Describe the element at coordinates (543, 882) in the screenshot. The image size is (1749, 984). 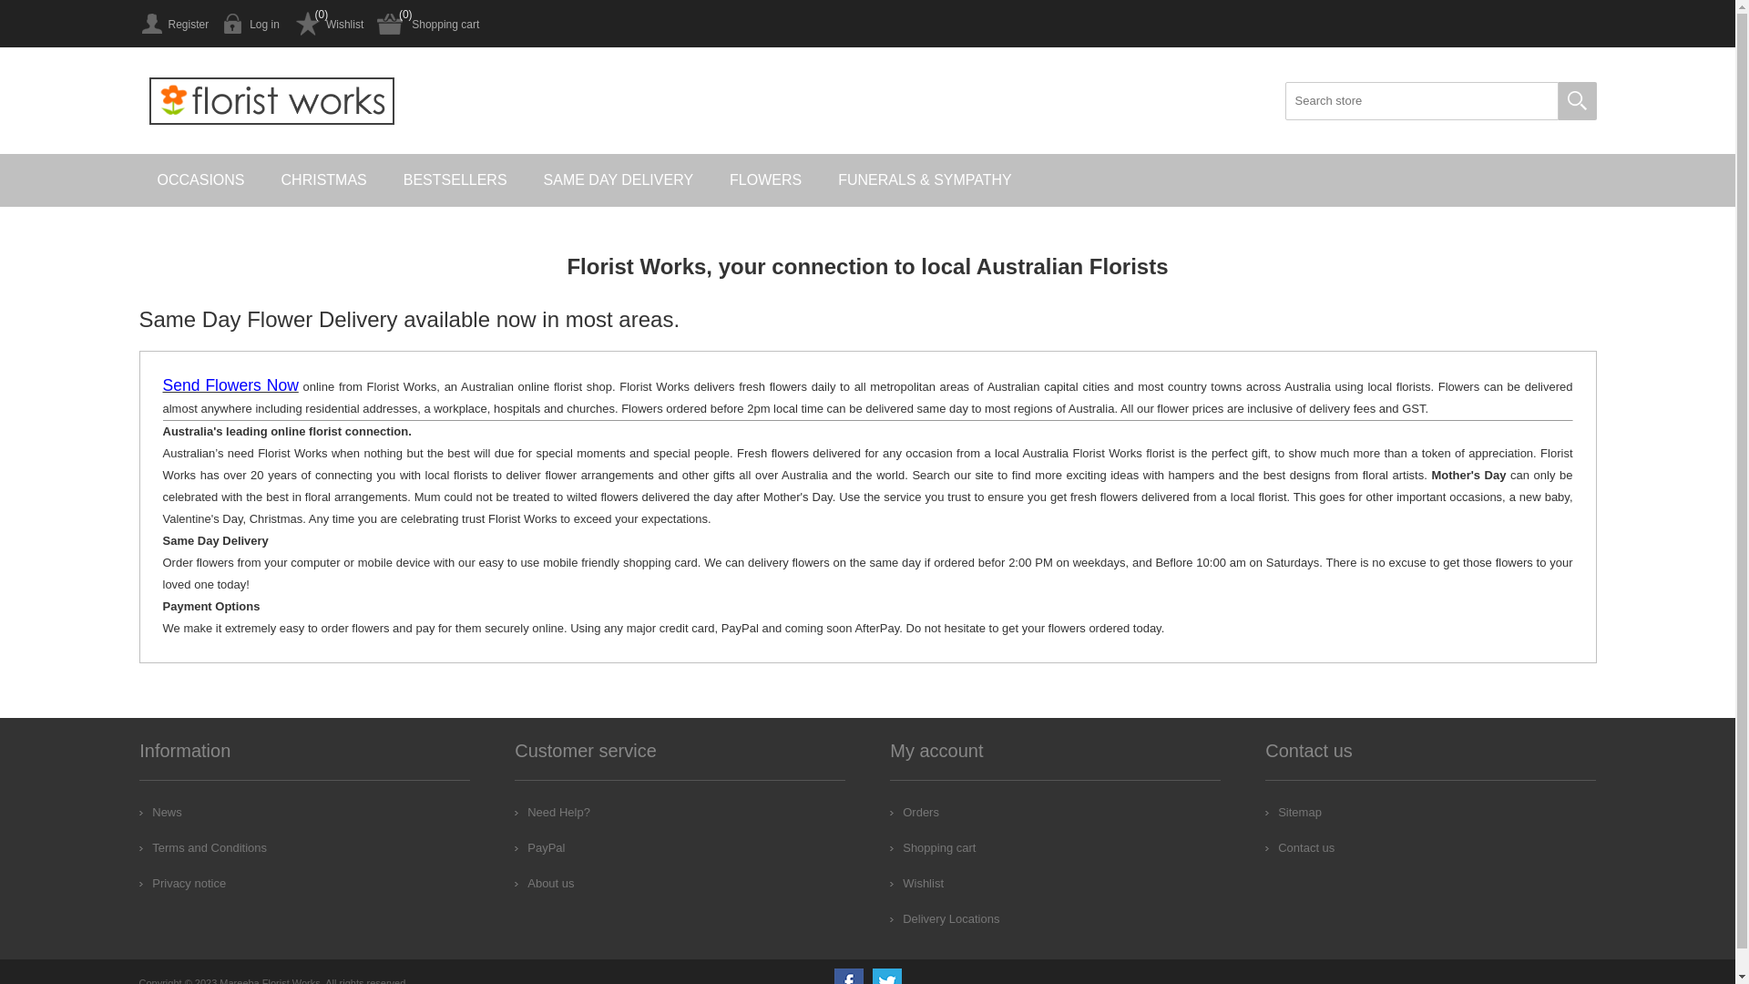
I see `'About us'` at that location.